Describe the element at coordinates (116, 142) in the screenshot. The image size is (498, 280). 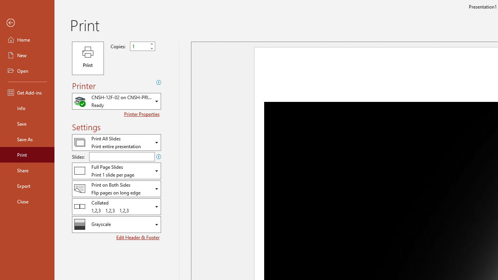
I see `'Print What'` at that location.